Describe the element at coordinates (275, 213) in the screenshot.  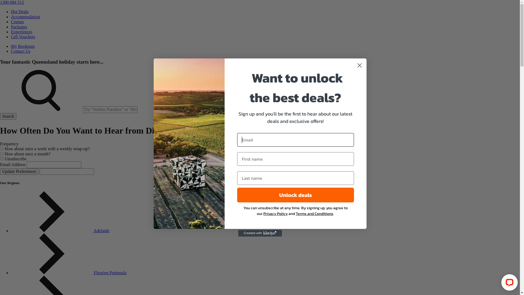
I see `'Privacy Policy'` at that location.